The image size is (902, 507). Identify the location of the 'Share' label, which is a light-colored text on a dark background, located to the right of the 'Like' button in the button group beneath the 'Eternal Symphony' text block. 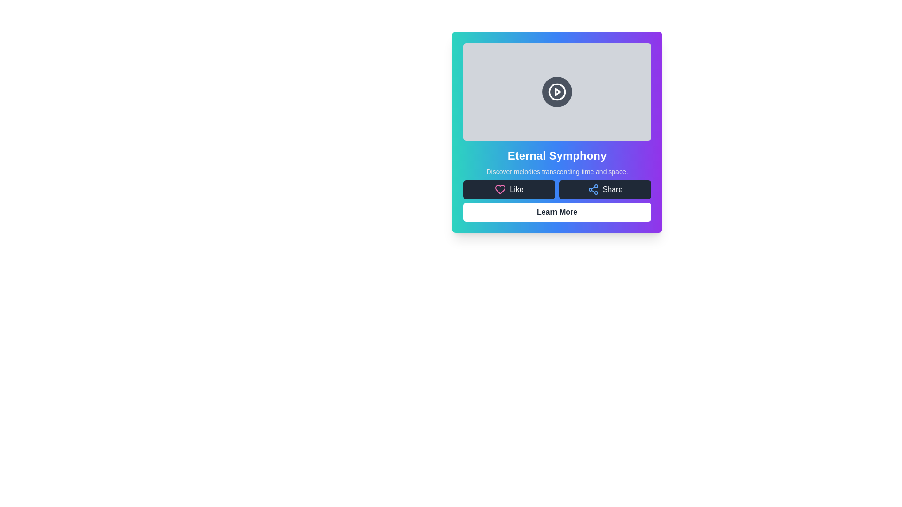
(613, 190).